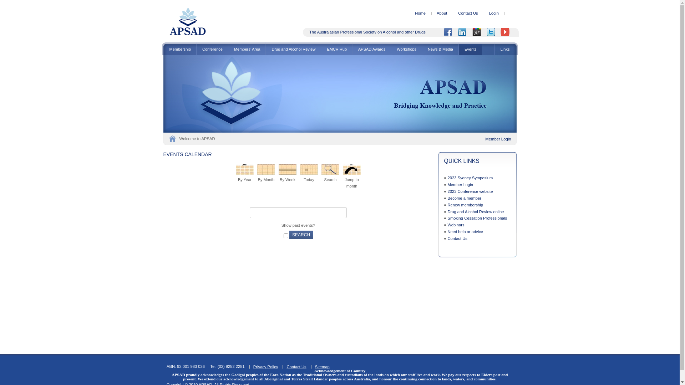 This screenshot has width=685, height=385. Describe the element at coordinates (465, 205) in the screenshot. I see `'Renew membership'` at that location.